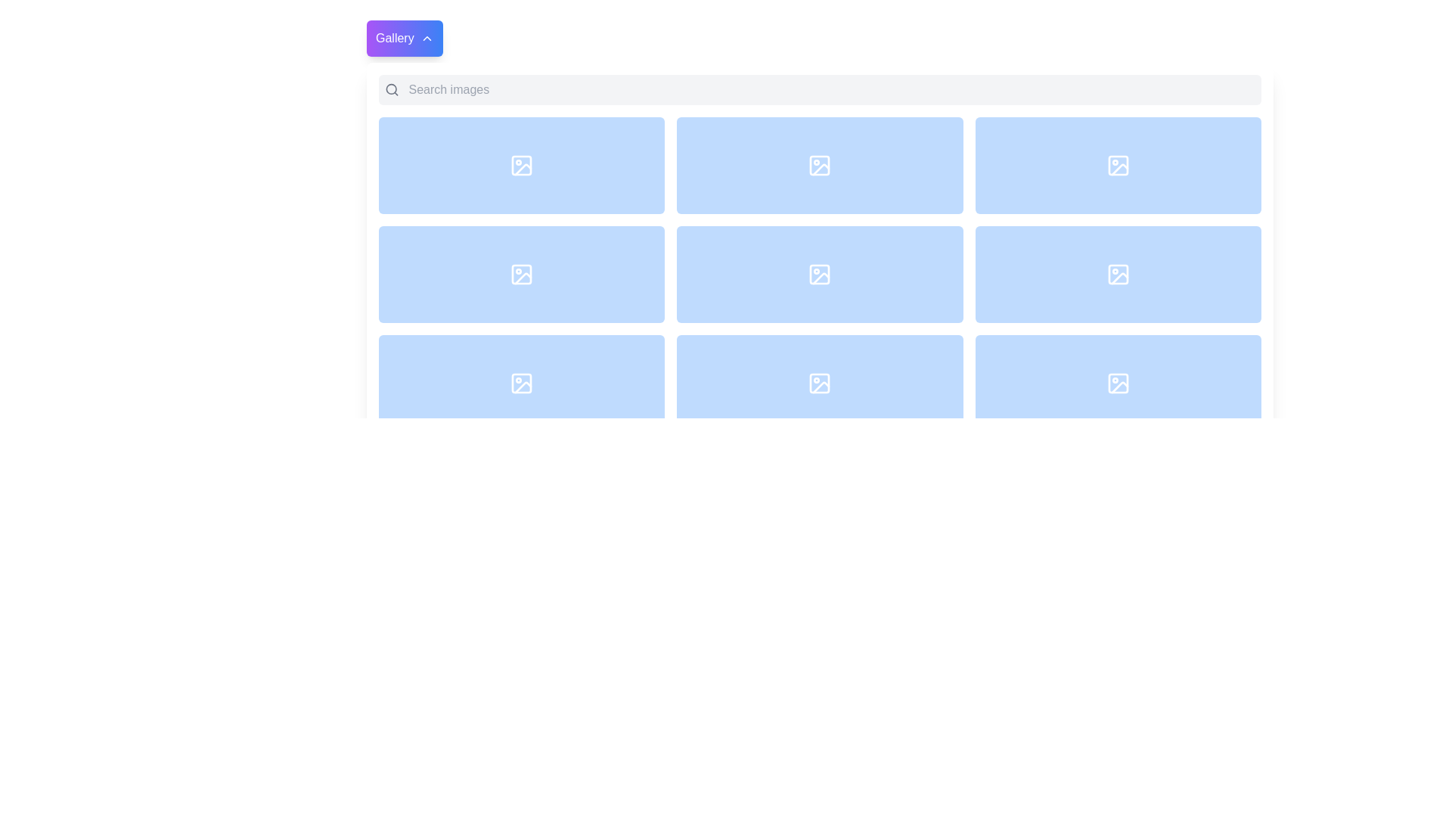 The width and height of the screenshot is (1452, 817). What do you see at coordinates (1118, 382) in the screenshot?
I see `decorative segment of the icon located within the bottom-right quadrant of an image placeholder in a gallery layout for debugging purposes` at bounding box center [1118, 382].